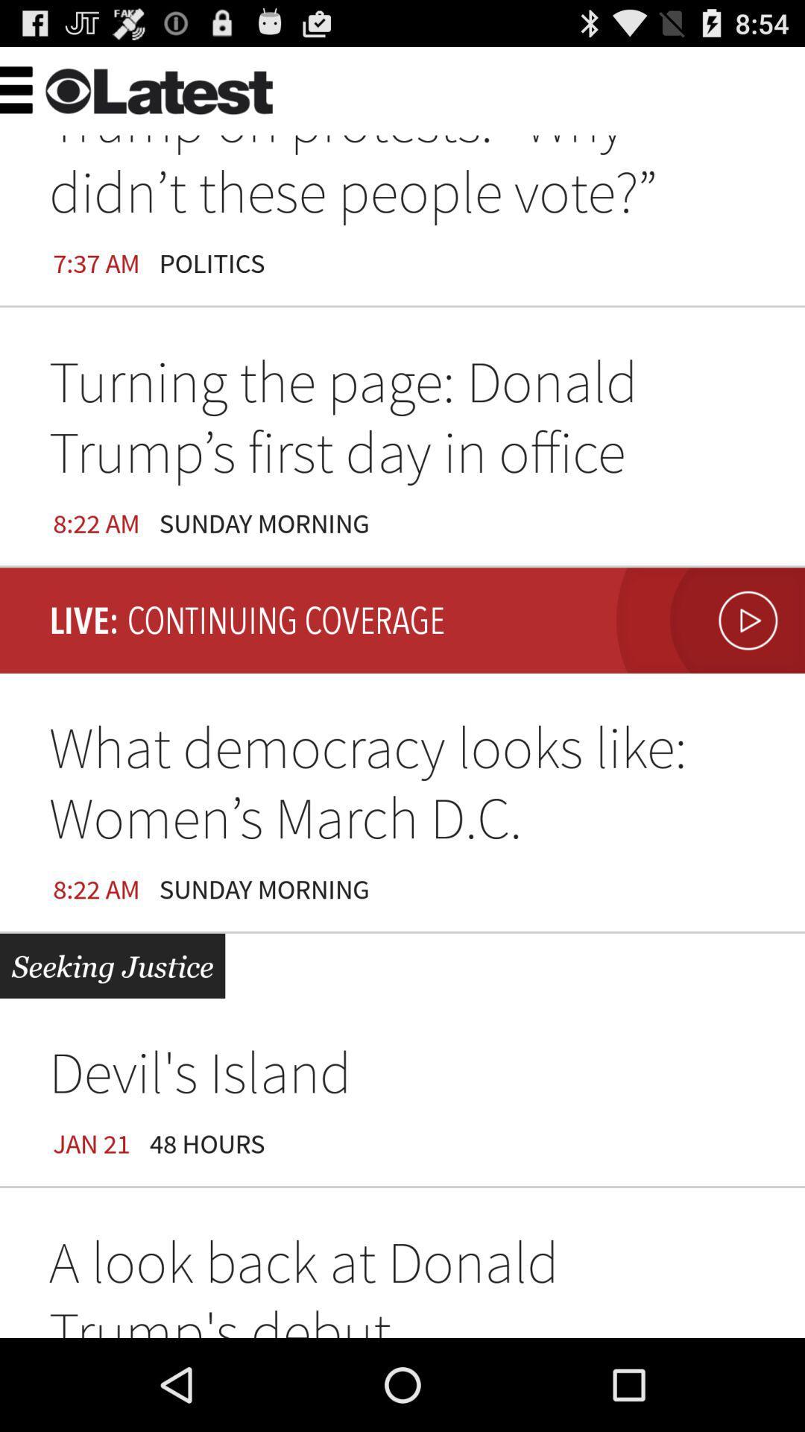 The height and width of the screenshot is (1432, 805). What do you see at coordinates (706, 621) in the screenshot?
I see `open video or audio stream about news coverage` at bounding box center [706, 621].